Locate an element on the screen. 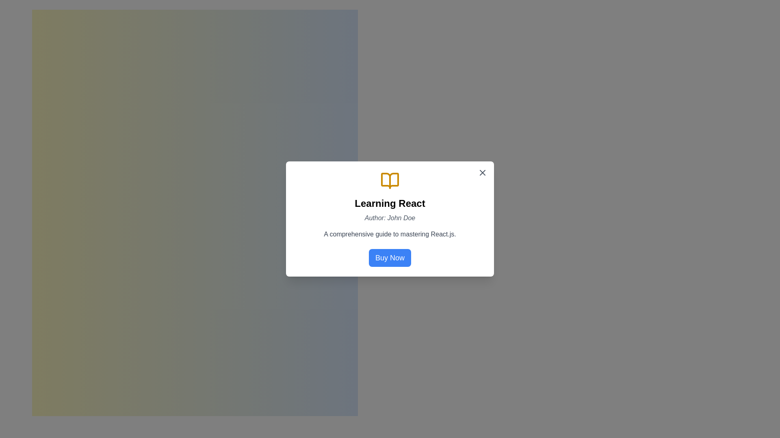 This screenshot has height=438, width=780. the yellow open book icon located at the top of the modal dialog above the title 'Learning React' is located at coordinates (390, 180).